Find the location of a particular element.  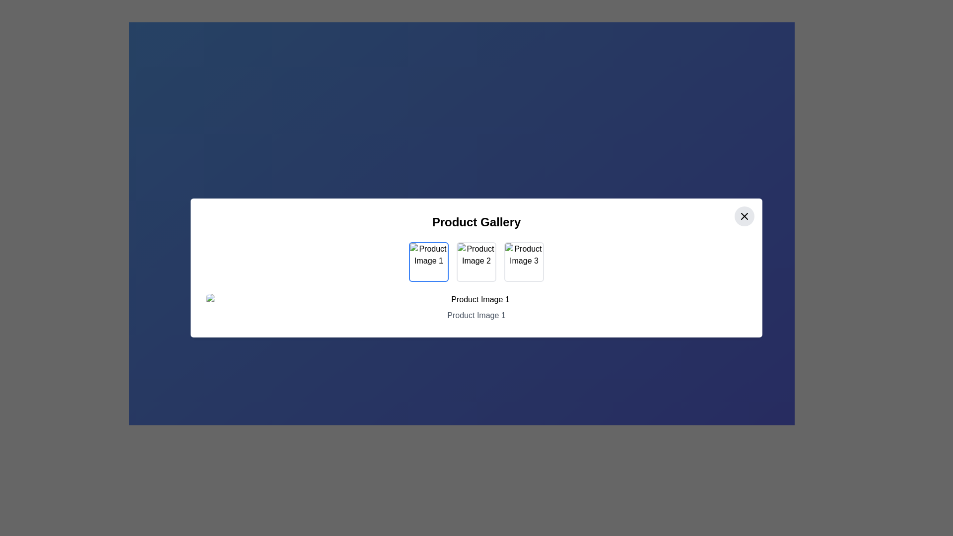

the circular button with a gray background and a black 'X' icon located in the top-right corner of the 'Product Gallery' modal is located at coordinates (744, 215).